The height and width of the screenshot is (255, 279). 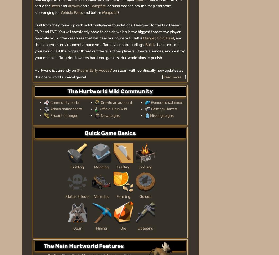 I want to click on 'Global Sitemap', so click(x=127, y=99).